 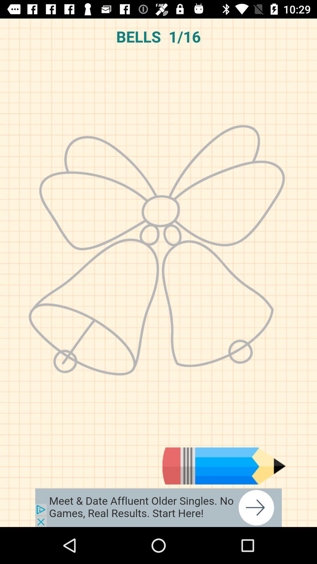 What do you see at coordinates (224, 466) in the screenshot?
I see `drawing tool` at bounding box center [224, 466].